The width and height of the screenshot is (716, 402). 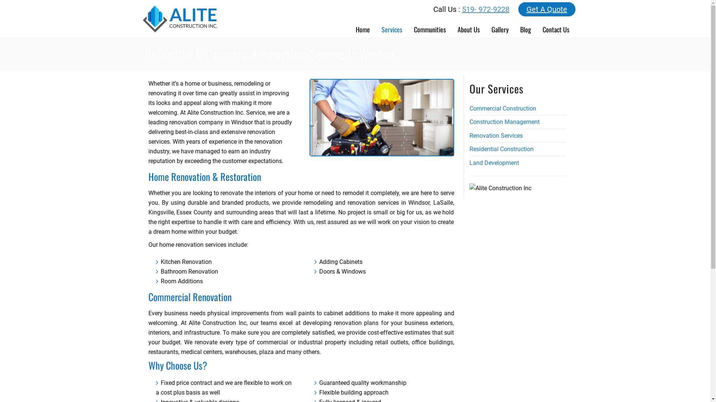 I want to click on 'Land Development', so click(x=494, y=162).